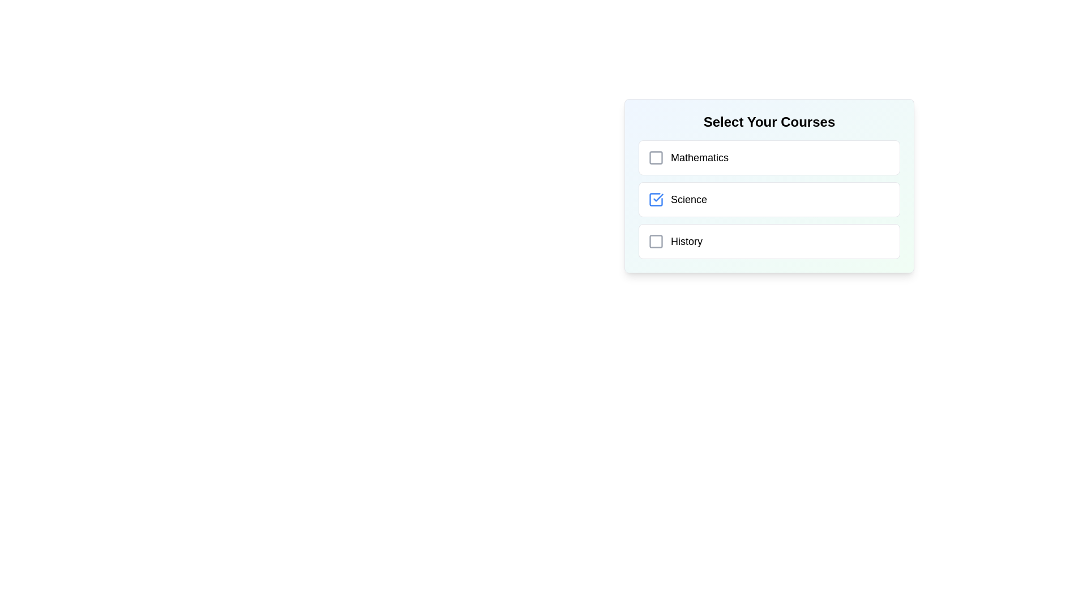 This screenshot has width=1087, height=611. What do you see at coordinates (769, 199) in the screenshot?
I see `the checkbox of the 'Science' course selectable list item` at bounding box center [769, 199].